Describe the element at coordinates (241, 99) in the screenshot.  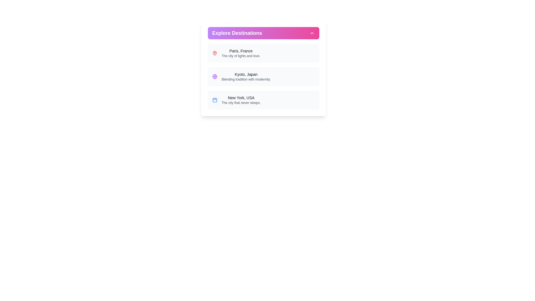
I see `the text block displaying 'New York, USA' with the tagline 'The city that never sleeps', which is the third entry under 'Explore Destinations'` at that location.